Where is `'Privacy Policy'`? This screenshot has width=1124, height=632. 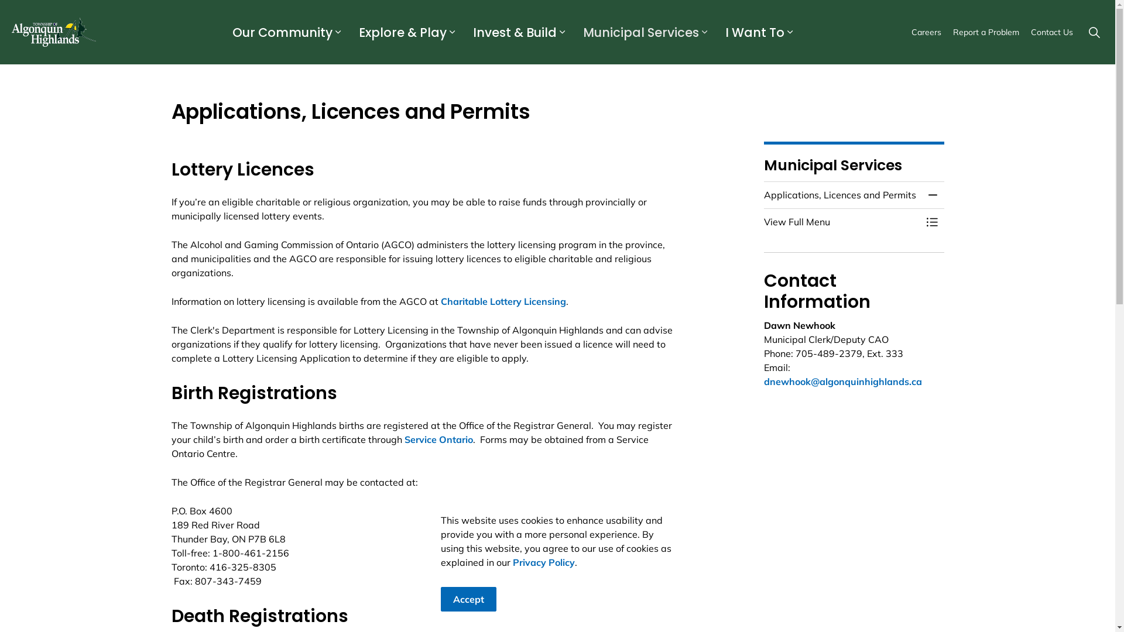
'Privacy Policy' is located at coordinates (543, 561).